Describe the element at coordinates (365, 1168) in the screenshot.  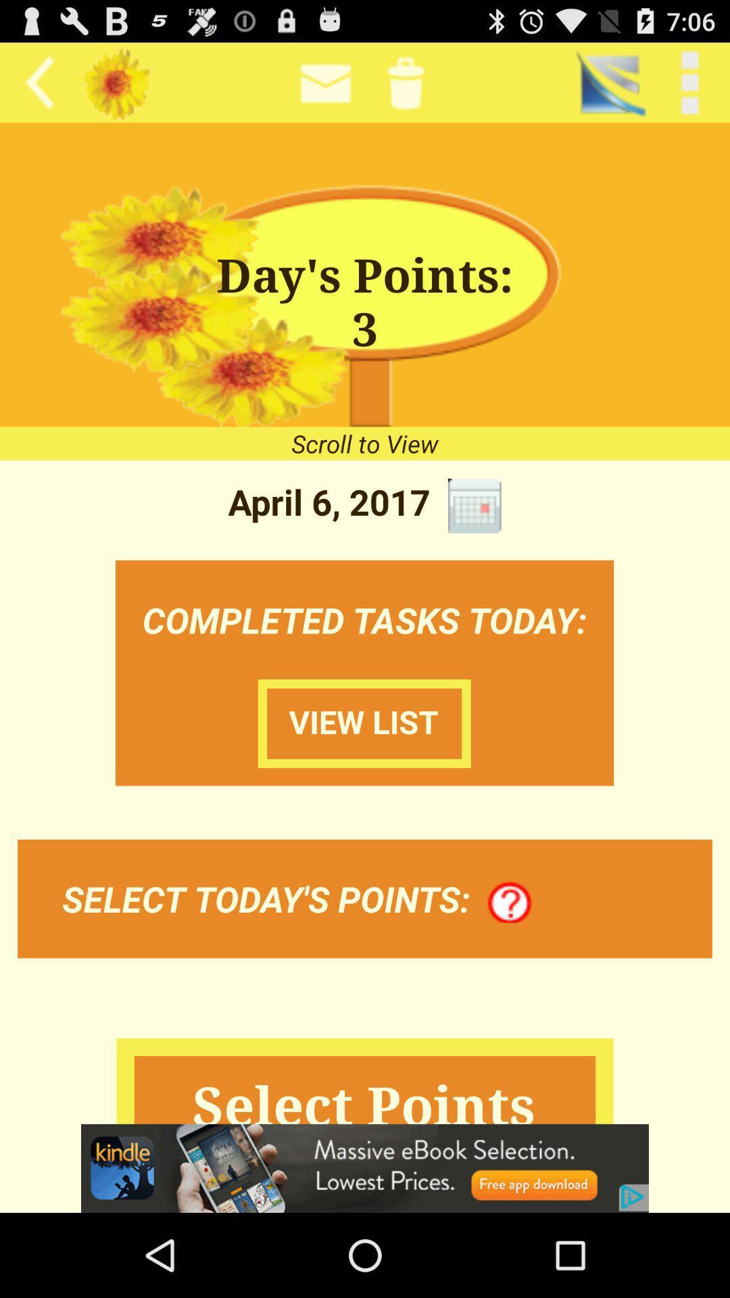
I see `advertisement` at that location.